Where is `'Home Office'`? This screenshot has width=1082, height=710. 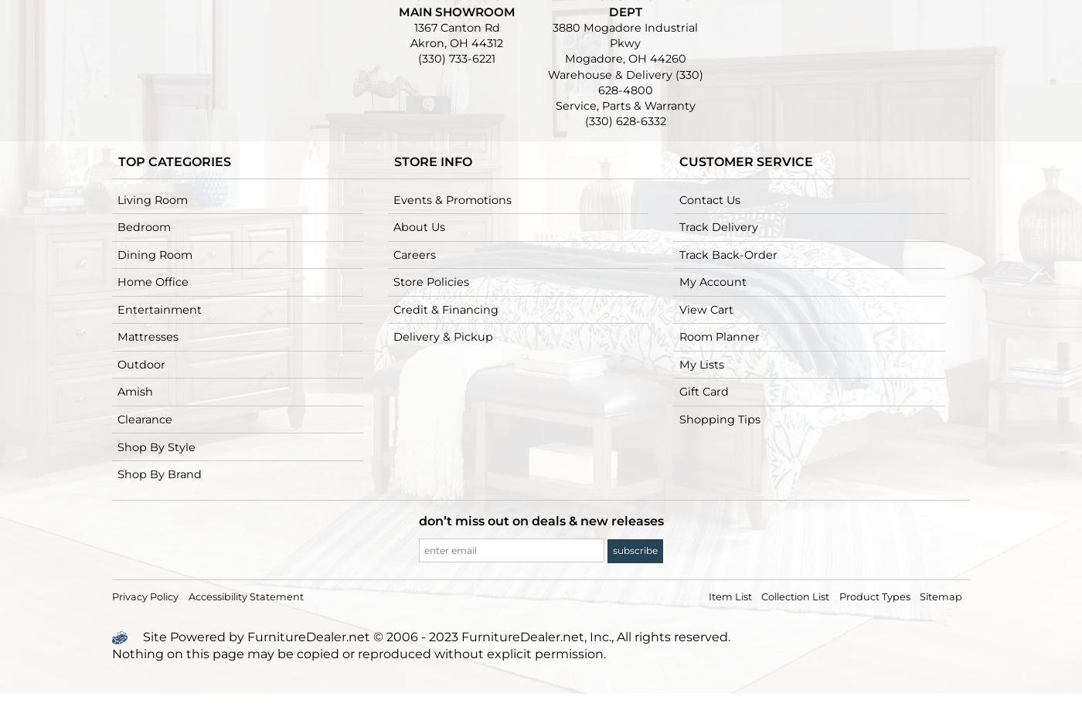
'Home Office' is located at coordinates (152, 281).